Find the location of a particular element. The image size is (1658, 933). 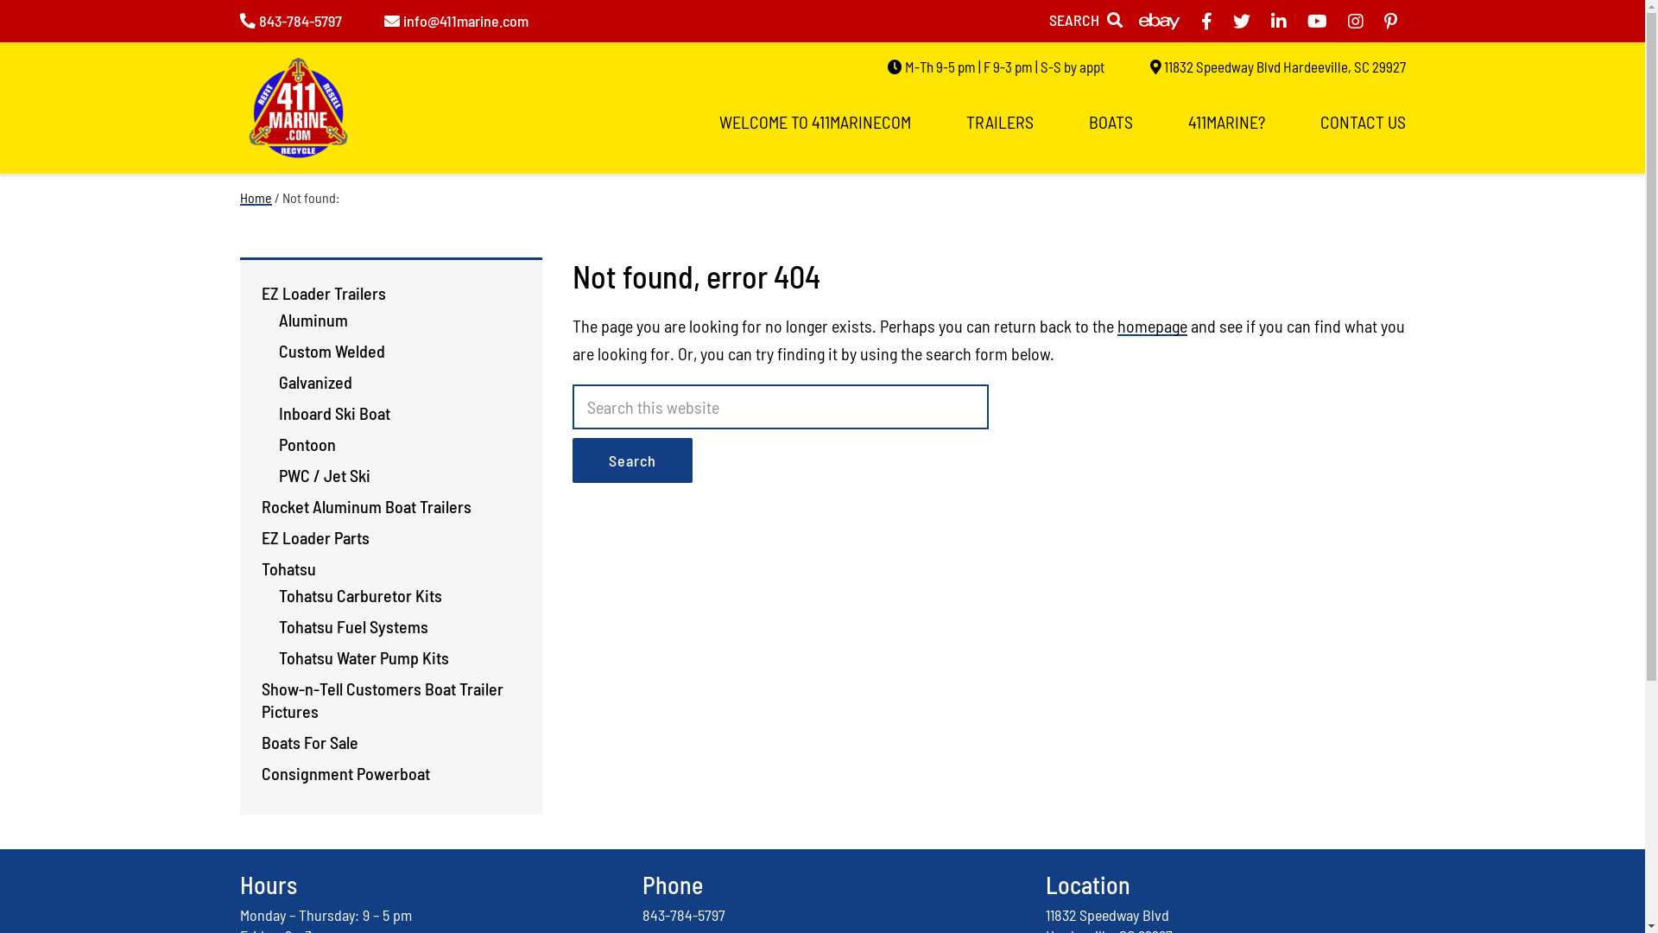

'Consignment Powerboat' is located at coordinates (345, 771).